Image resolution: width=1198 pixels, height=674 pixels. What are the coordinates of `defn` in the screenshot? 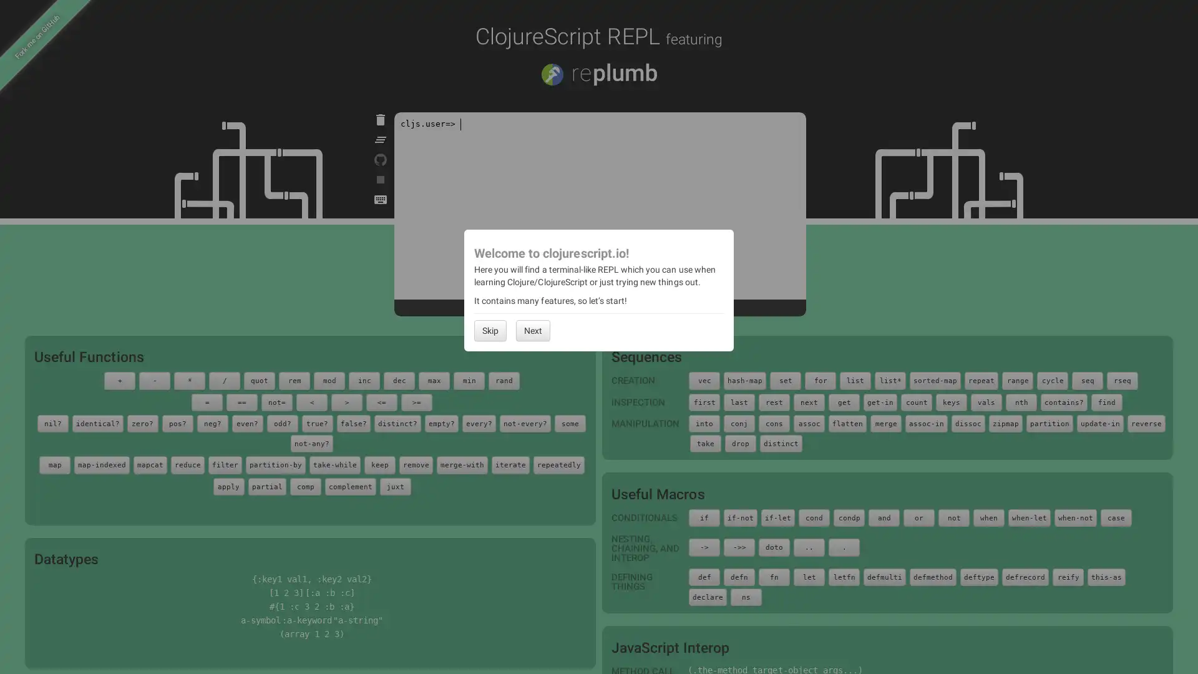 It's located at (739, 577).